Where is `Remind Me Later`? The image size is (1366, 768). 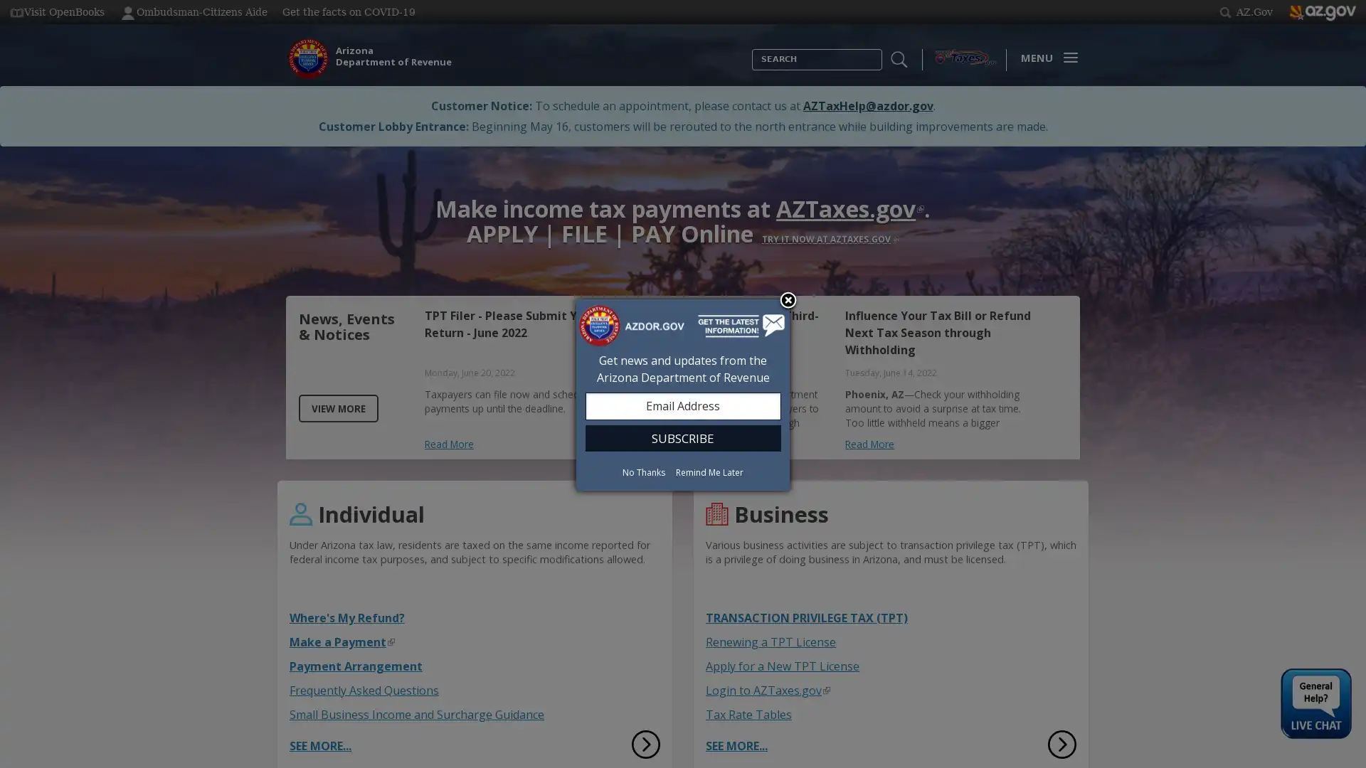 Remind Me Later is located at coordinates (709, 471).